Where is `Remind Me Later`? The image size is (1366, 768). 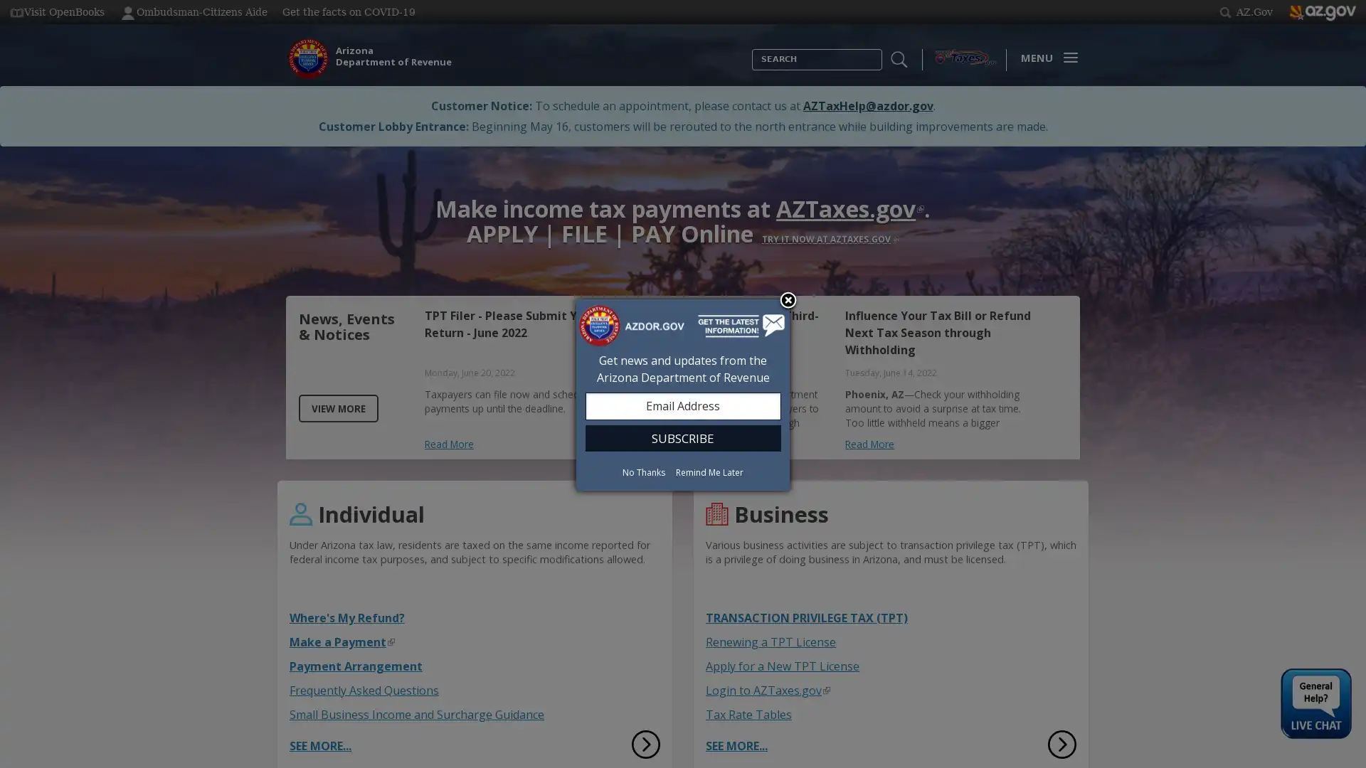 Remind Me Later is located at coordinates (709, 471).